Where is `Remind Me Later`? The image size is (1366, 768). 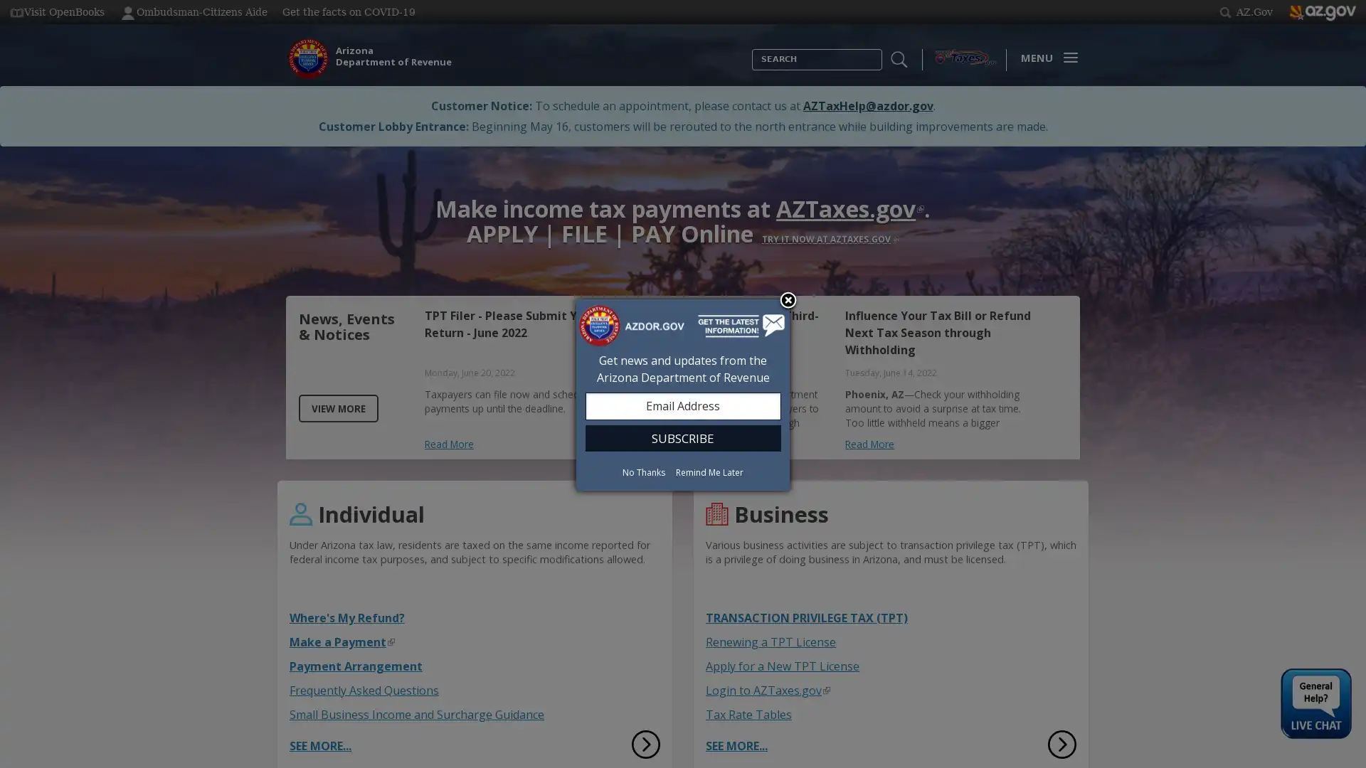 Remind Me Later is located at coordinates (709, 471).